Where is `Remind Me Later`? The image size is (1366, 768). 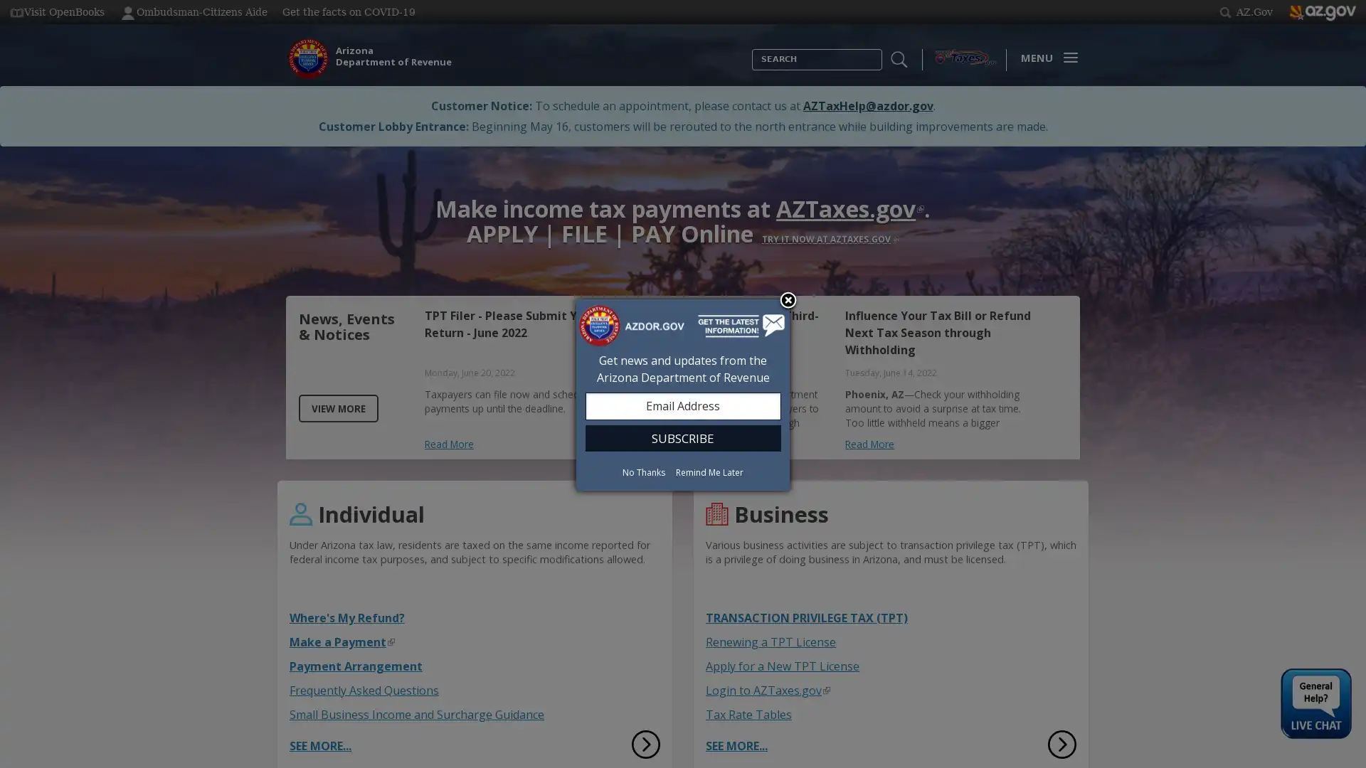 Remind Me Later is located at coordinates (709, 471).